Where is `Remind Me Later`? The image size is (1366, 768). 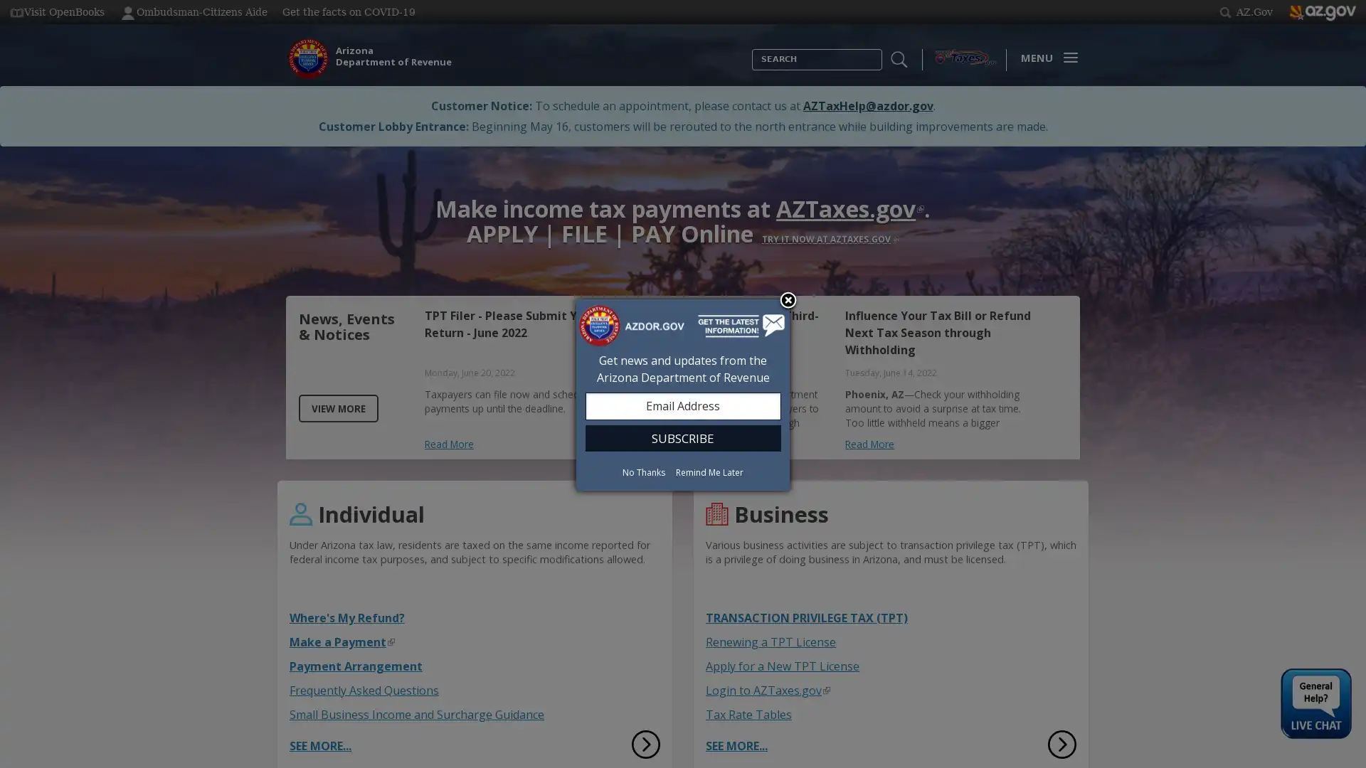 Remind Me Later is located at coordinates (709, 471).